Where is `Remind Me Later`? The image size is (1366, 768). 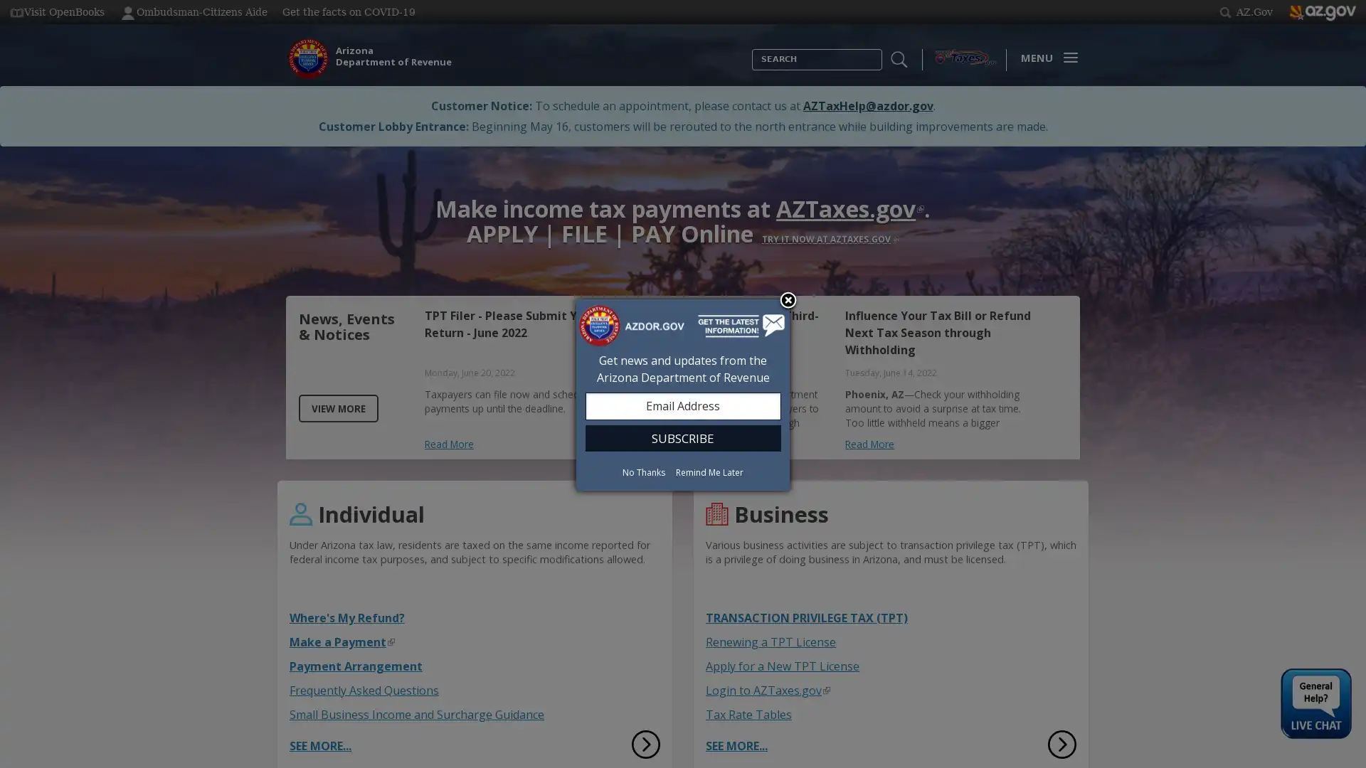 Remind Me Later is located at coordinates (709, 471).